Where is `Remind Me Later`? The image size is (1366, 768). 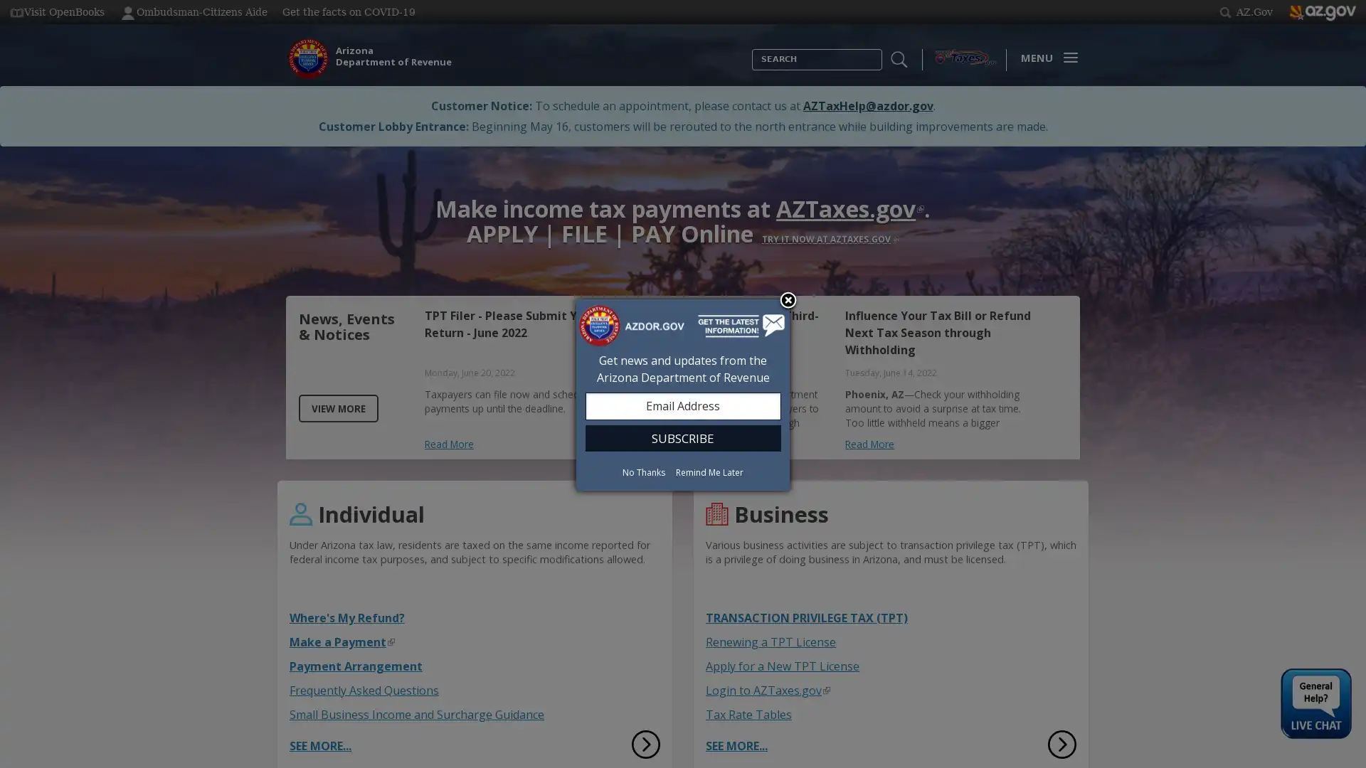 Remind Me Later is located at coordinates (709, 471).